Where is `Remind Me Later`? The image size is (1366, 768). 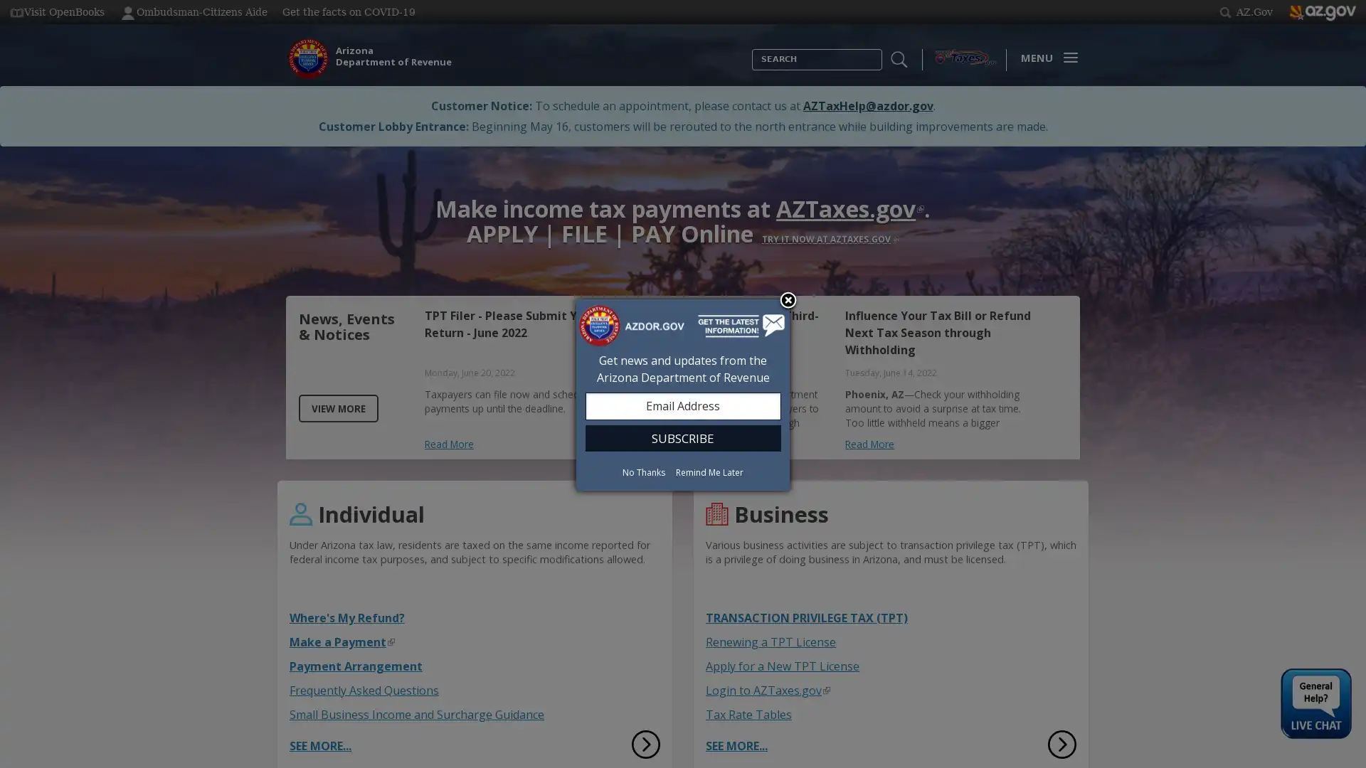 Remind Me Later is located at coordinates (709, 471).